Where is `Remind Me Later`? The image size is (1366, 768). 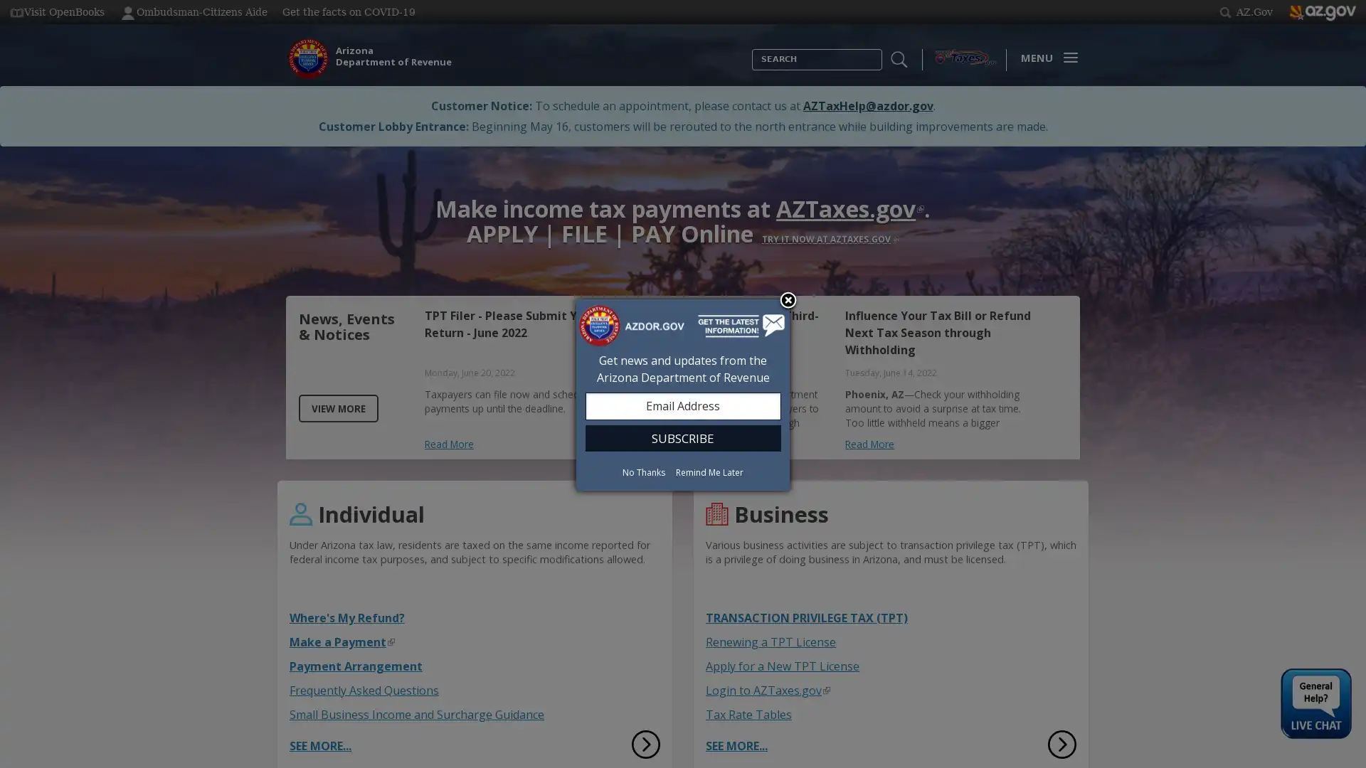 Remind Me Later is located at coordinates (709, 471).